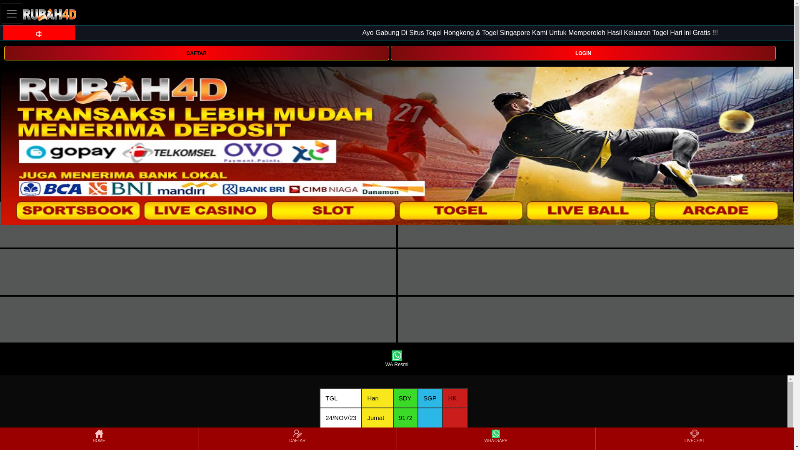 The width and height of the screenshot is (800, 450). What do you see at coordinates (99, 438) in the screenshot?
I see `'HOME'` at bounding box center [99, 438].